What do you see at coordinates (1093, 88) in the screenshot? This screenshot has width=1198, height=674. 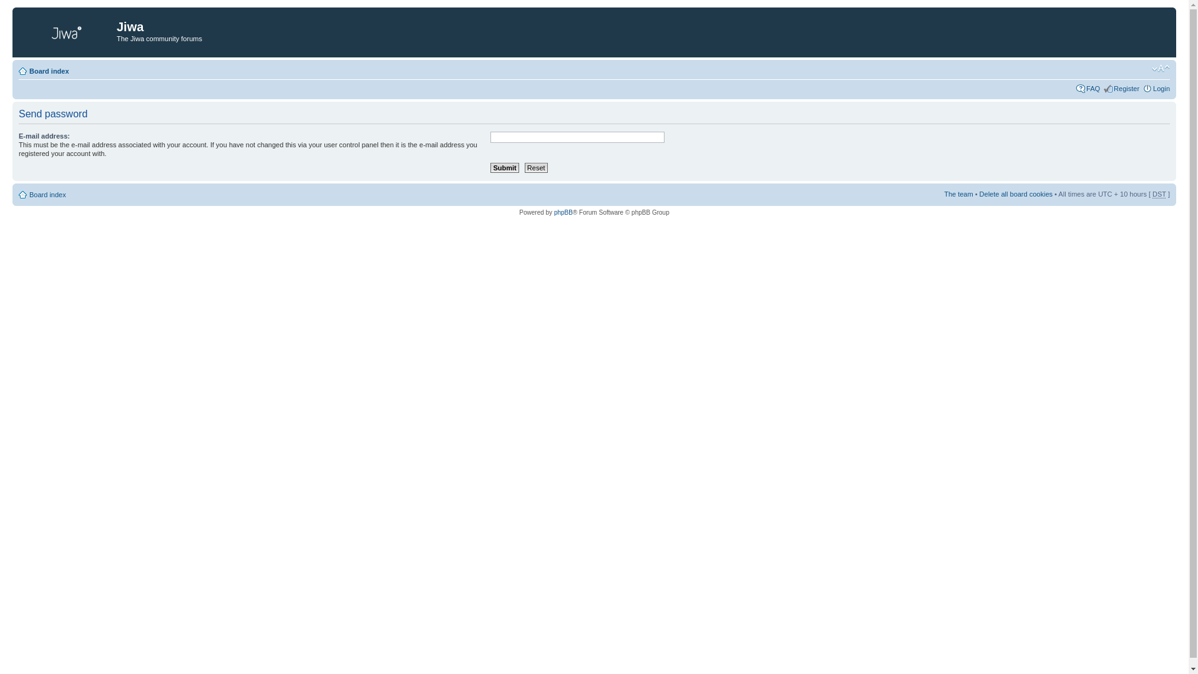 I see `'FAQ'` at bounding box center [1093, 88].